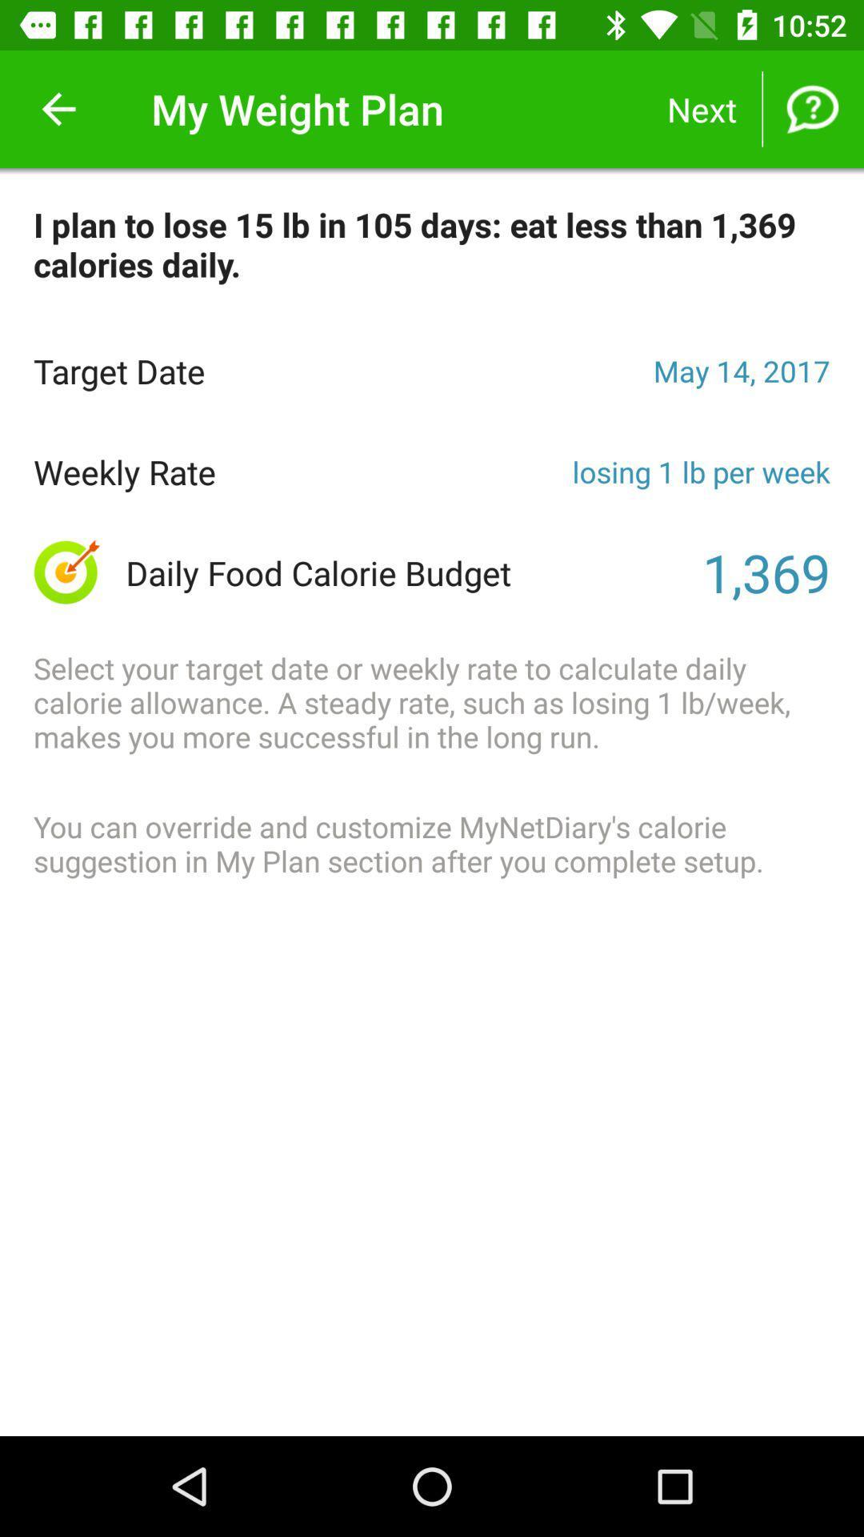 This screenshot has height=1537, width=864. Describe the element at coordinates (58, 108) in the screenshot. I see `item to the left of the my weight plan icon` at that location.